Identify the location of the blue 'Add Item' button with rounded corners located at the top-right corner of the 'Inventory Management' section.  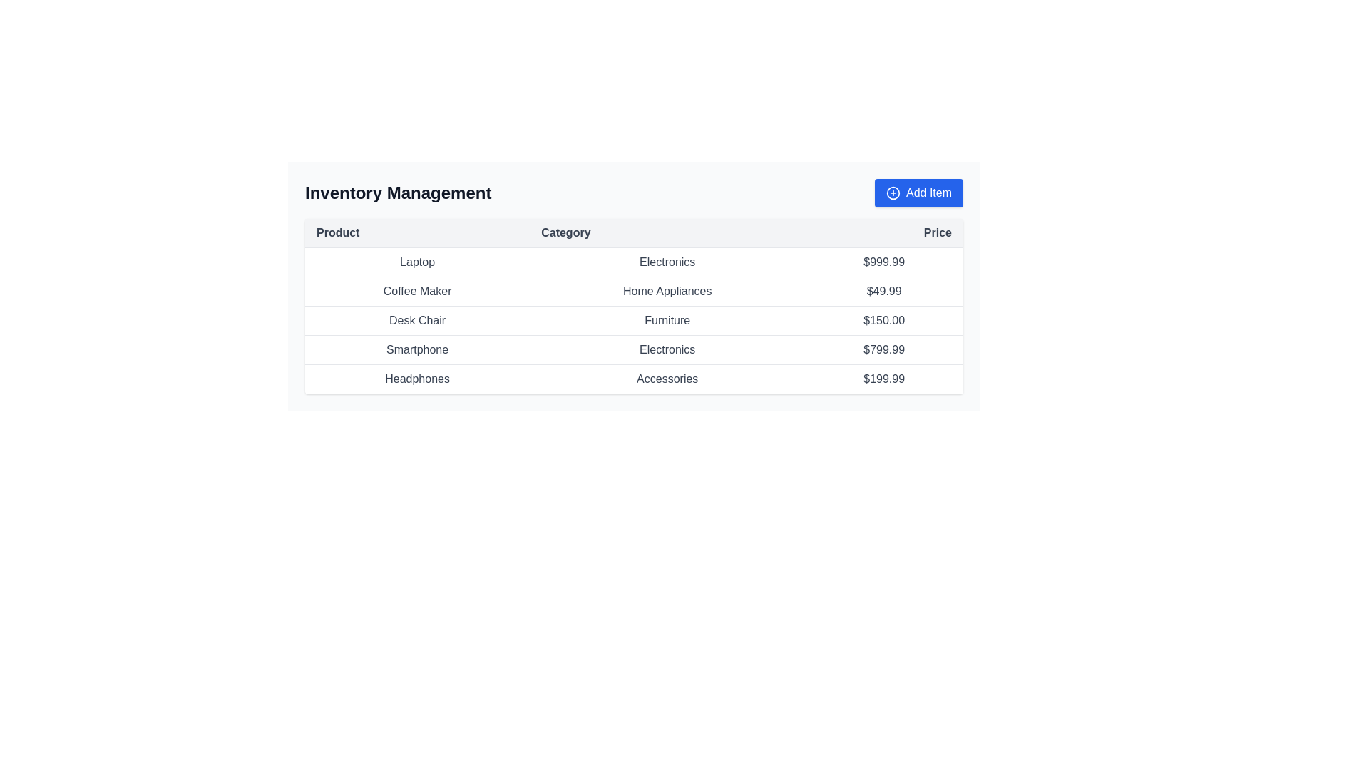
(918, 192).